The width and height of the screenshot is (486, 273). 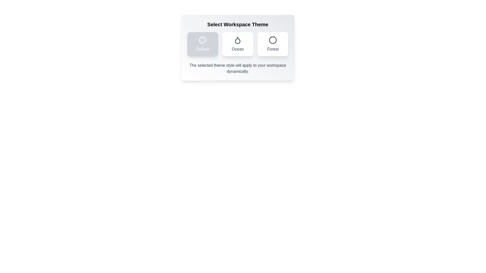 What do you see at coordinates (273, 44) in the screenshot?
I see `the Forest theme option to observe the visual feedback` at bounding box center [273, 44].